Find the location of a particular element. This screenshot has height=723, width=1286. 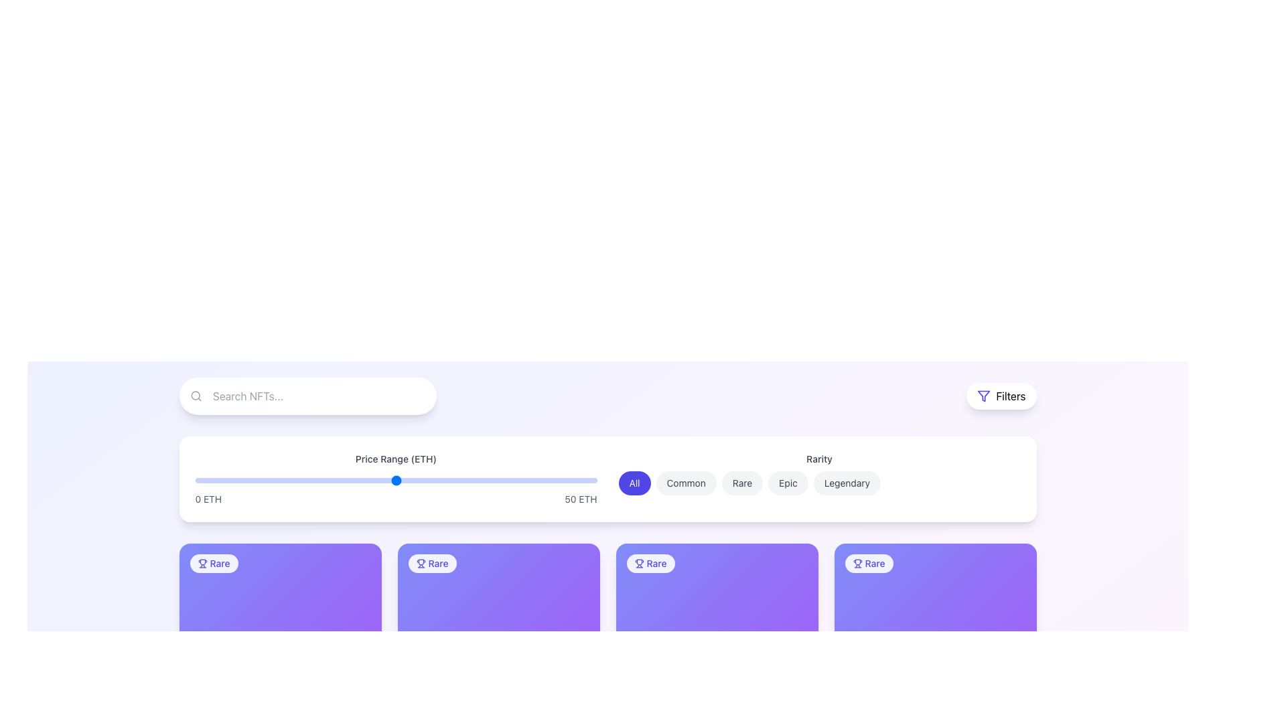

the price range slider is located at coordinates (452, 479).